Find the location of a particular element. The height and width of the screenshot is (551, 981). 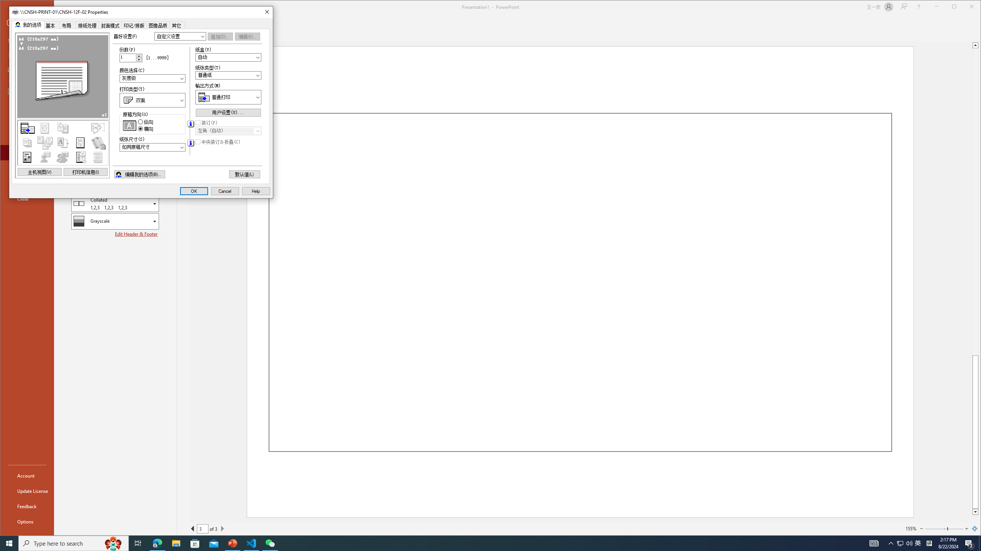

'Maximize' is located at coordinates (965, 7).